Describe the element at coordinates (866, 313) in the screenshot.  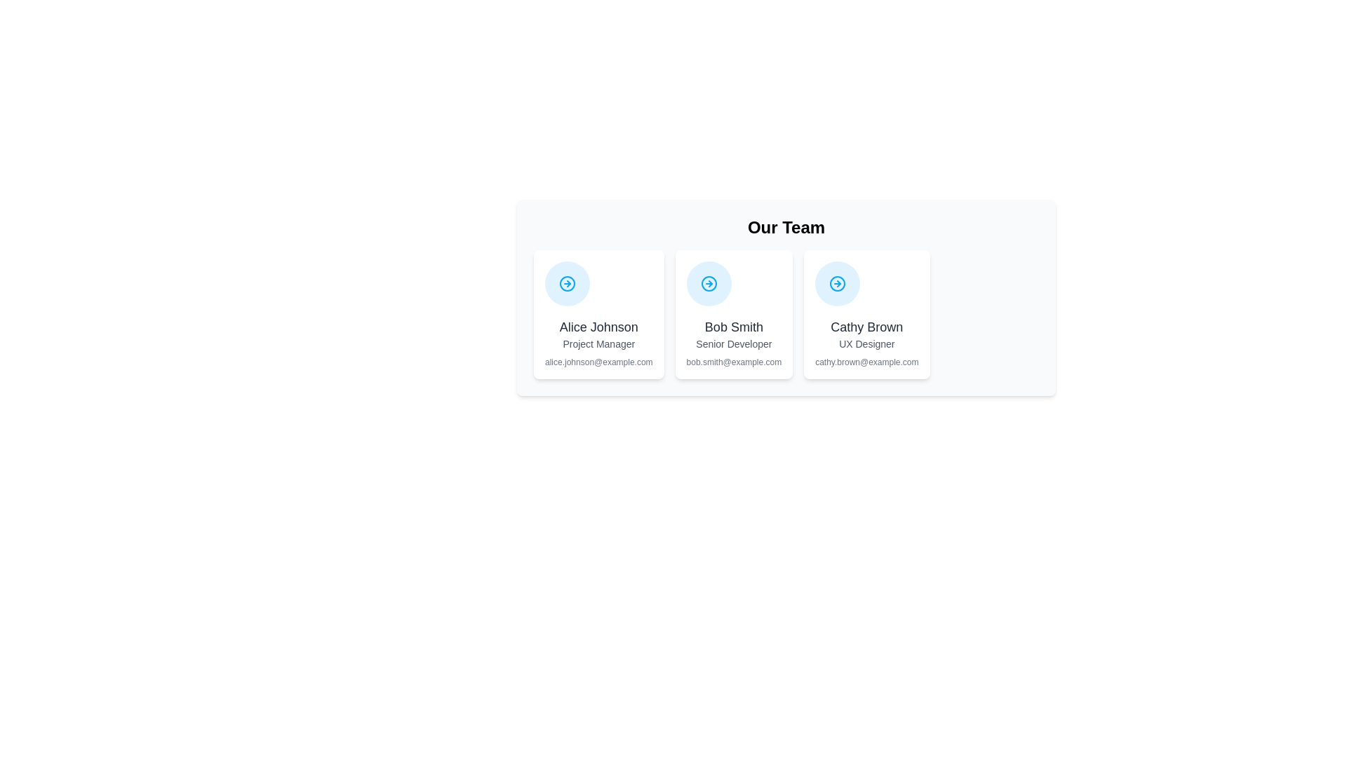
I see `the card displaying 'Cathy Brown', which is the third card in the 'Our Team' section` at that location.